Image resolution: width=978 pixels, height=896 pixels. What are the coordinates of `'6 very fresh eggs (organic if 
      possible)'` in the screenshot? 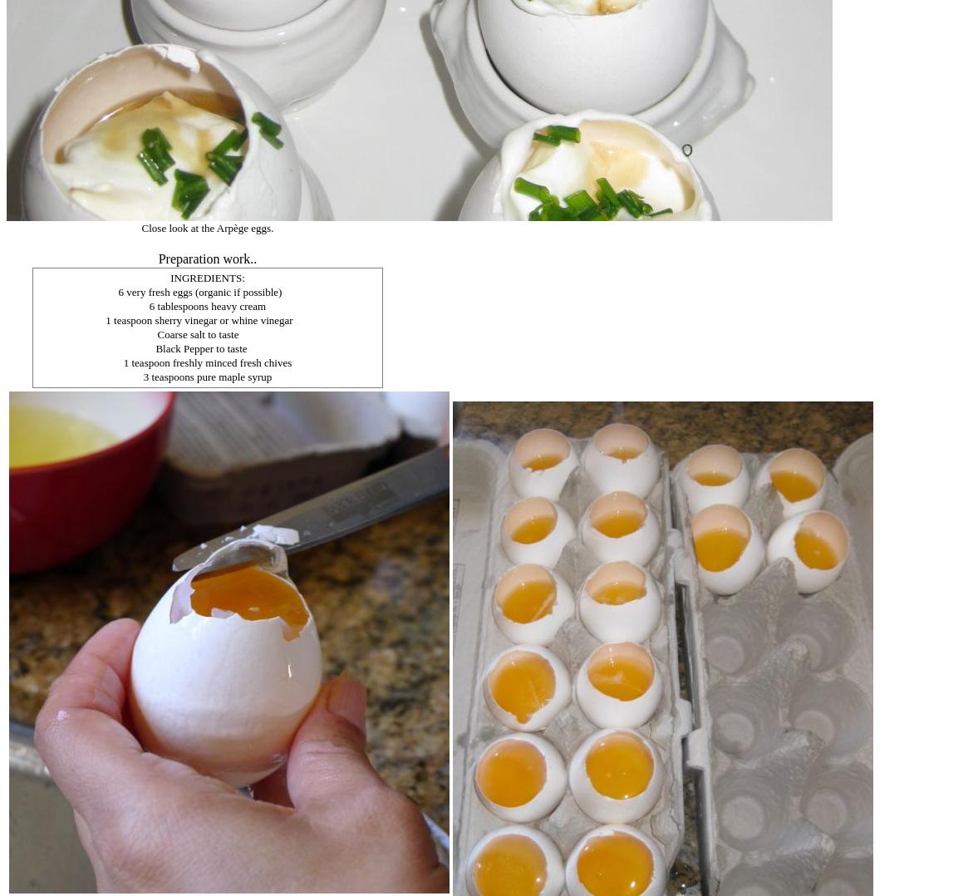 It's located at (199, 292).